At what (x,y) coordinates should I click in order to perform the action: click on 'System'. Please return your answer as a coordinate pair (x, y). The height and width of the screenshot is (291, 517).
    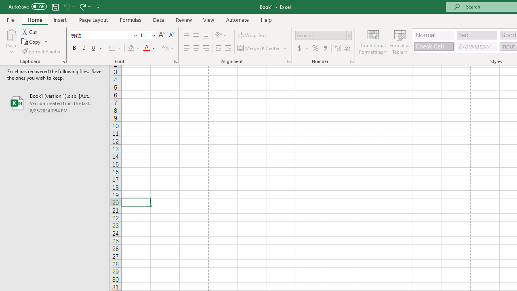
    Looking at the image, I should click on (4, 4).